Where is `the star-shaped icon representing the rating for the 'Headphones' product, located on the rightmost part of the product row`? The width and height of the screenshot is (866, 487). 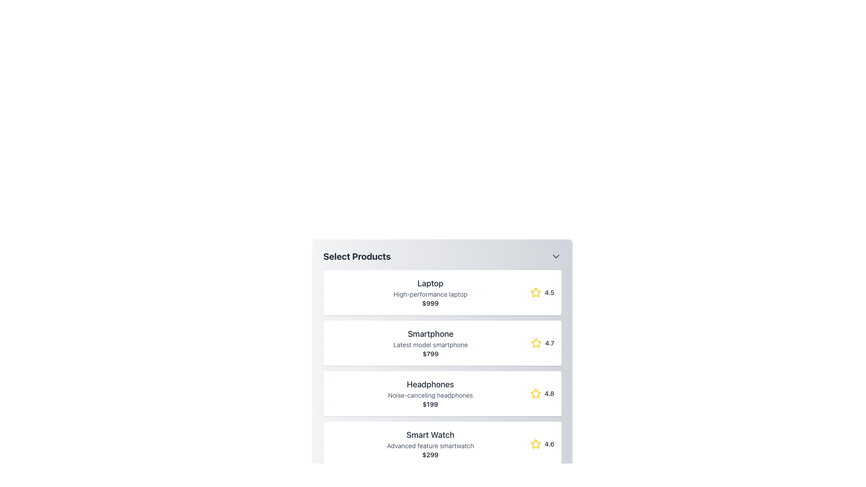
the star-shaped icon representing the rating for the 'Headphones' product, located on the rightmost part of the product row is located at coordinates (535, 393).